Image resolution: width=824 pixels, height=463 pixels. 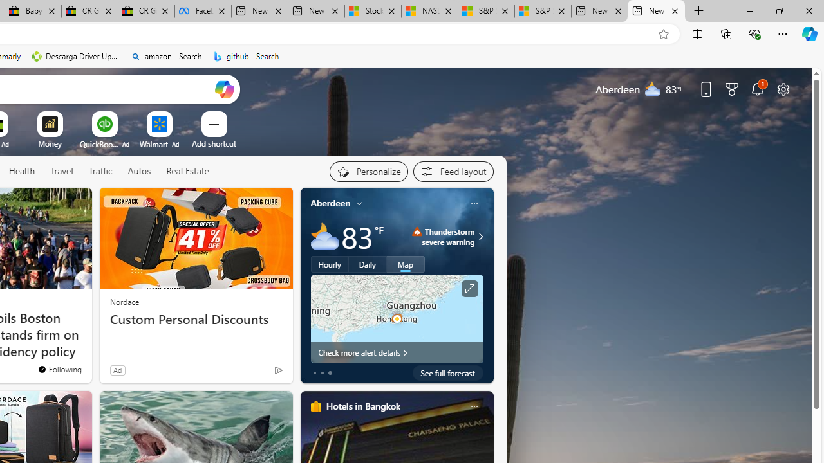 I want to click on 'amazon - Search', so click(x=165, y=56).